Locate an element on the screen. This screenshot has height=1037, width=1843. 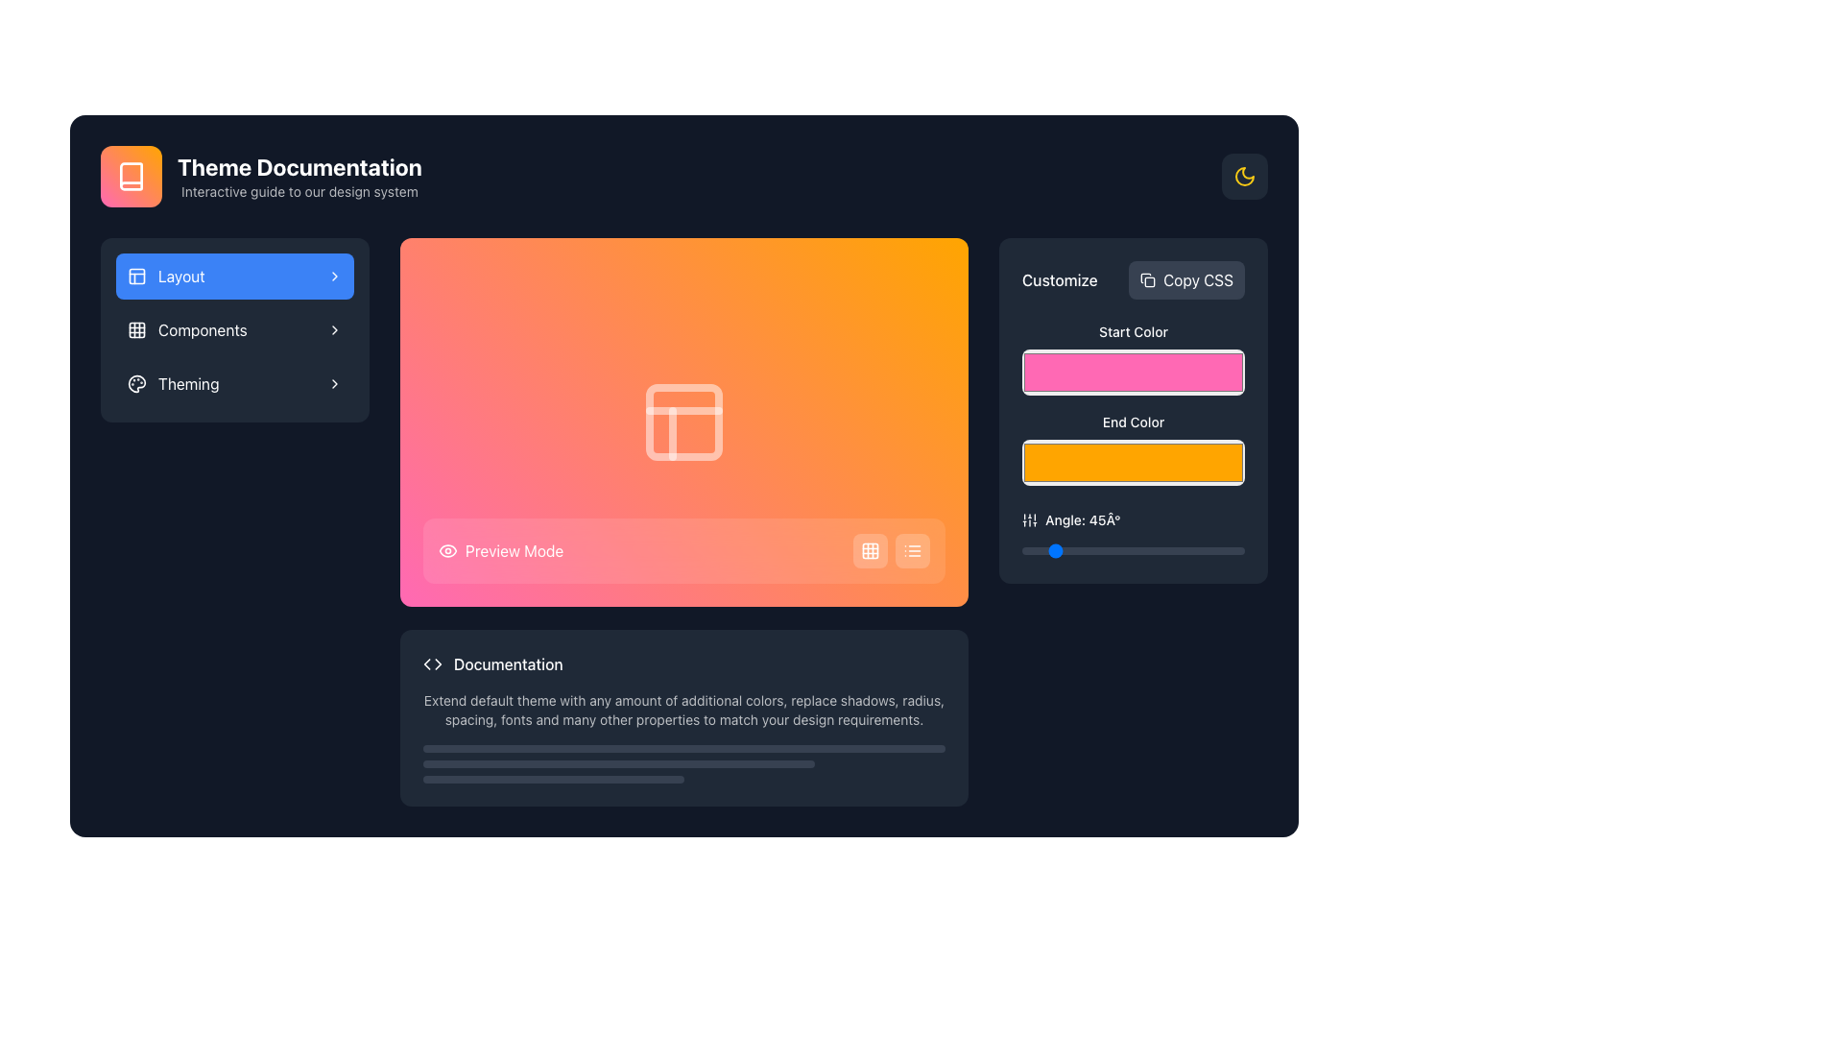
the slider value is located at coordinates (1027, 551).